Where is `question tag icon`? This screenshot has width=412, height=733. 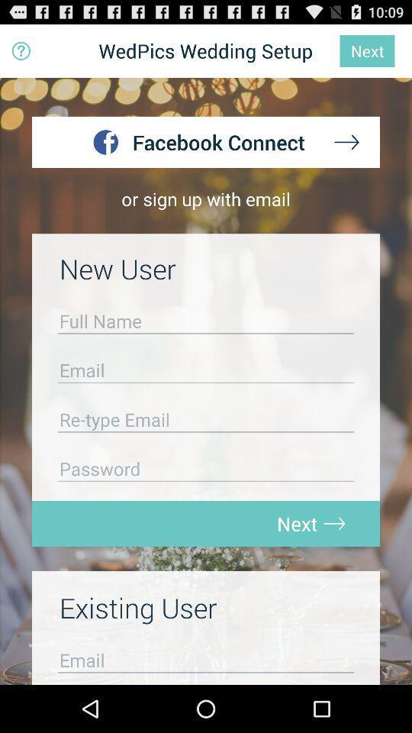 question tag icon is located at coordinates (21, 51).